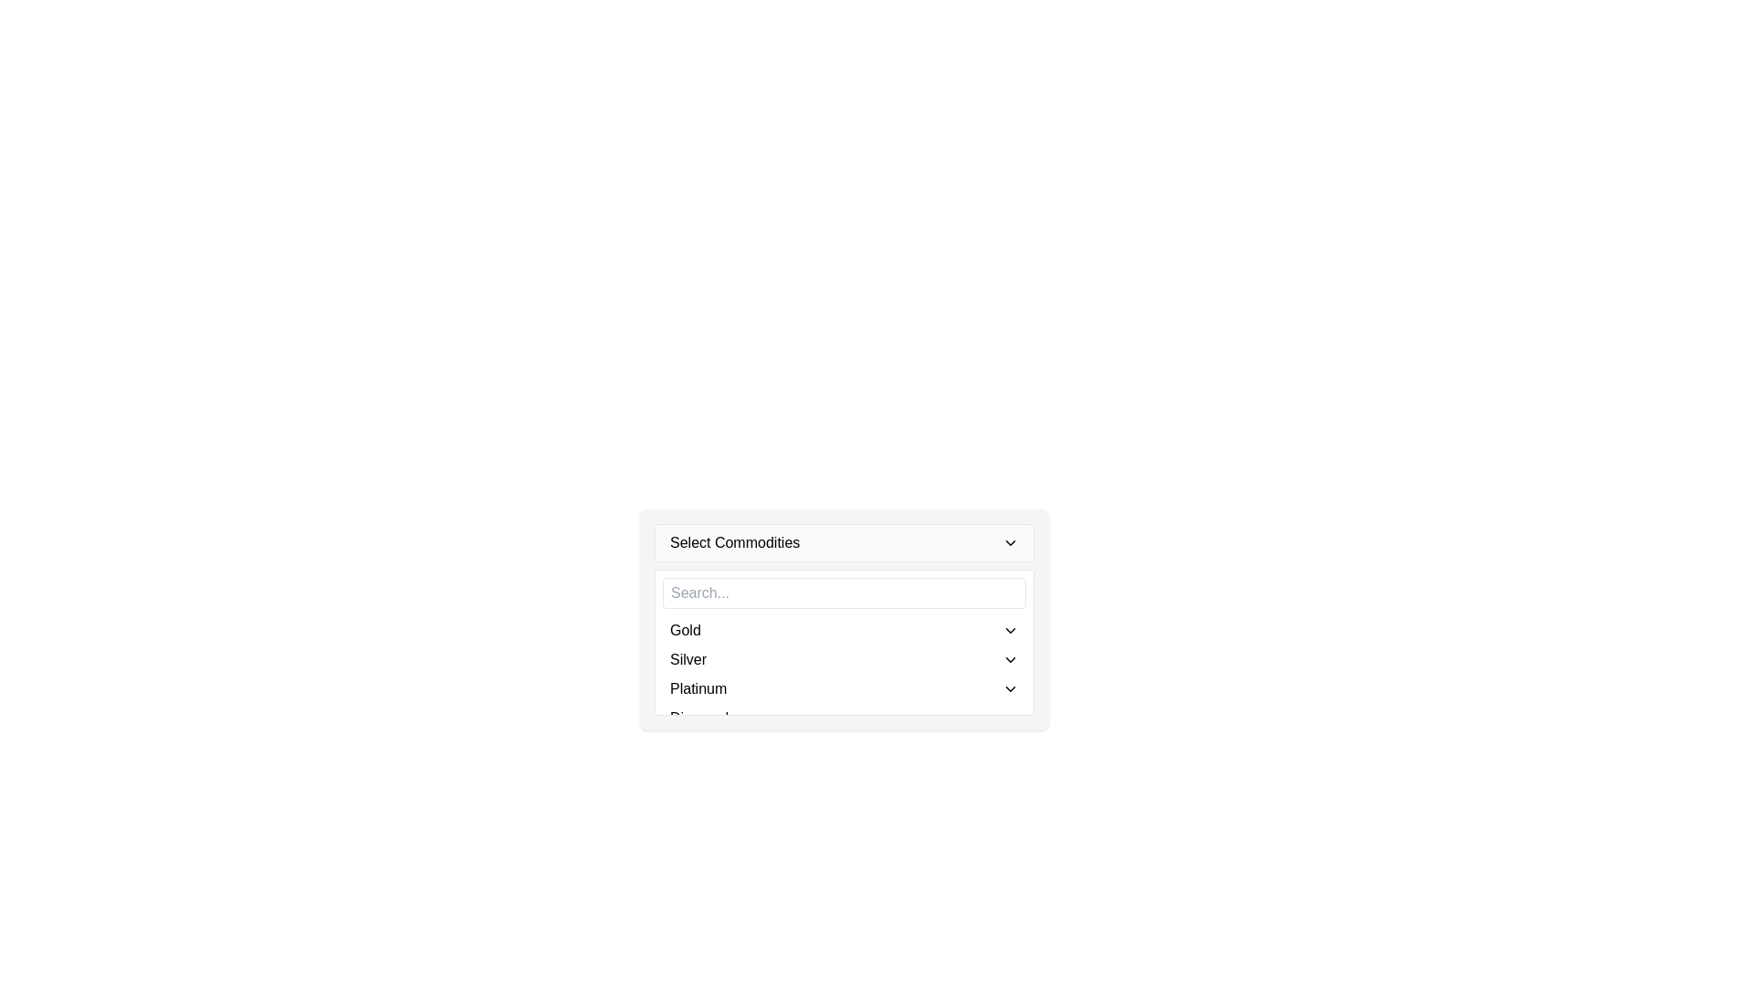 This screenshot has height=986, width=1753. Describe the element at coordinates (844, 717) in the screenshot. I see `the fourth list item in the dropdown menu labeled 'Diamond'` at that location.